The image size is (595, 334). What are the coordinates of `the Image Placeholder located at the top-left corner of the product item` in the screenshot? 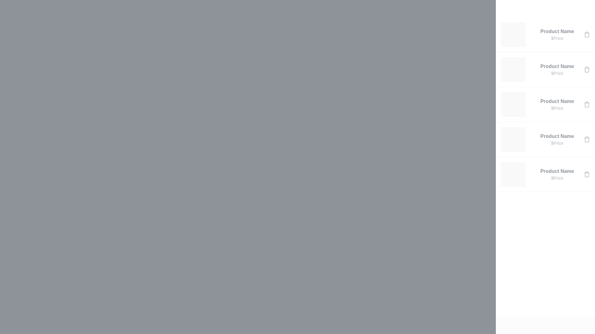 It's located at (513, 34).